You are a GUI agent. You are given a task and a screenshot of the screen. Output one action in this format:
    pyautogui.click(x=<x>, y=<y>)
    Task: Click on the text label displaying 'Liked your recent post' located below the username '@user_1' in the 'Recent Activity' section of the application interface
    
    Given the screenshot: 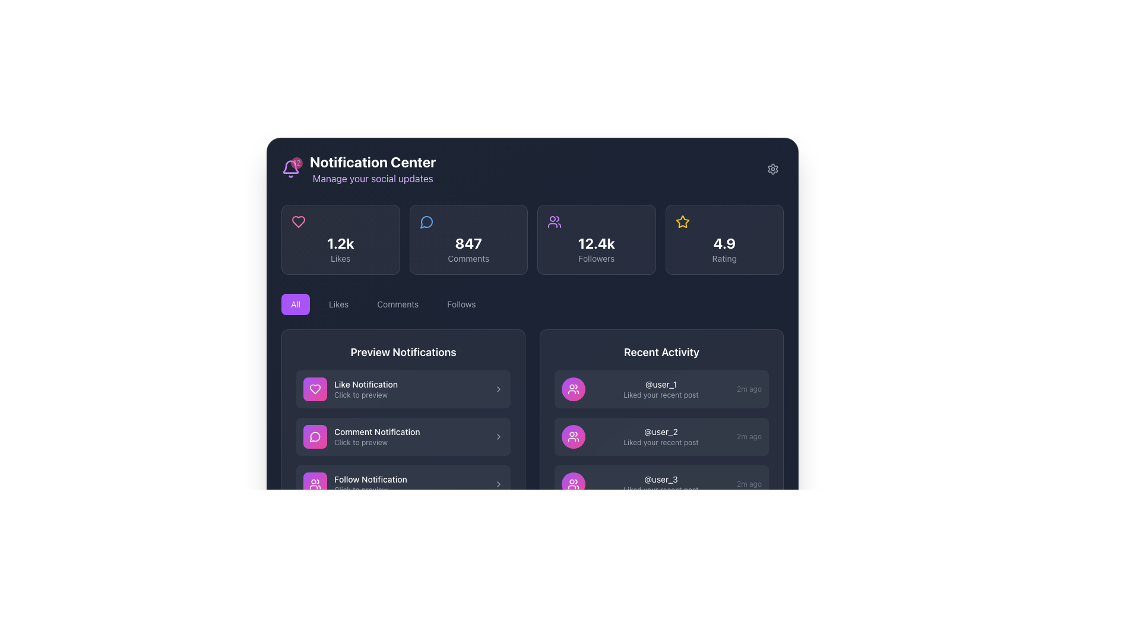 What is the action you would take?
    pyautogui.click(x=660, y=395)
    